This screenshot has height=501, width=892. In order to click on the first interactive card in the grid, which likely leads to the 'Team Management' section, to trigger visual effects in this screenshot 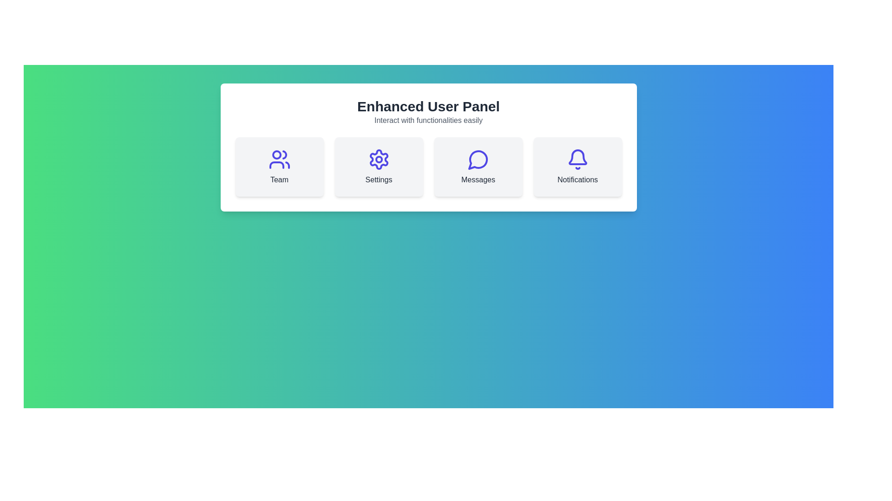, I will do `click(279, 166)`.